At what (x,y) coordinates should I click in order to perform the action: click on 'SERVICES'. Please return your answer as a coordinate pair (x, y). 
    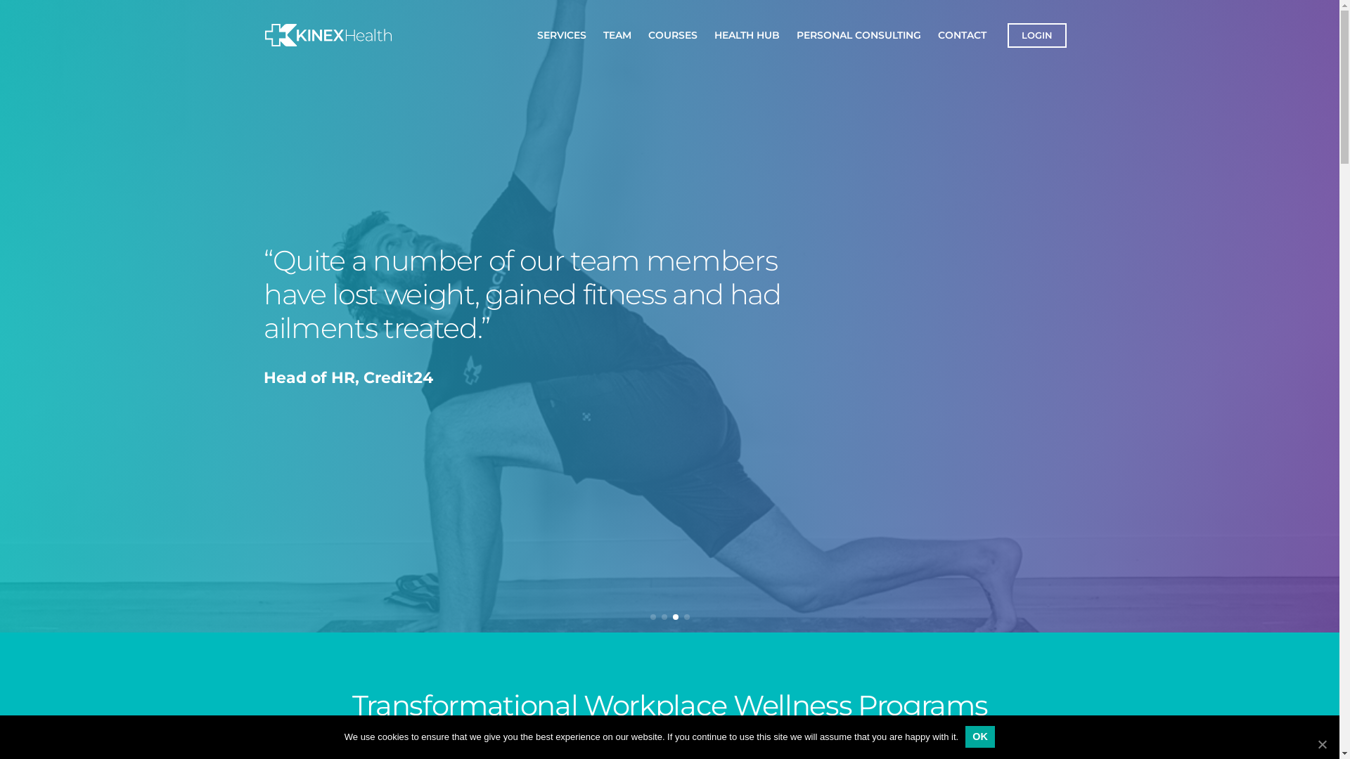
    Looking at the image, I should click on (560, 34).